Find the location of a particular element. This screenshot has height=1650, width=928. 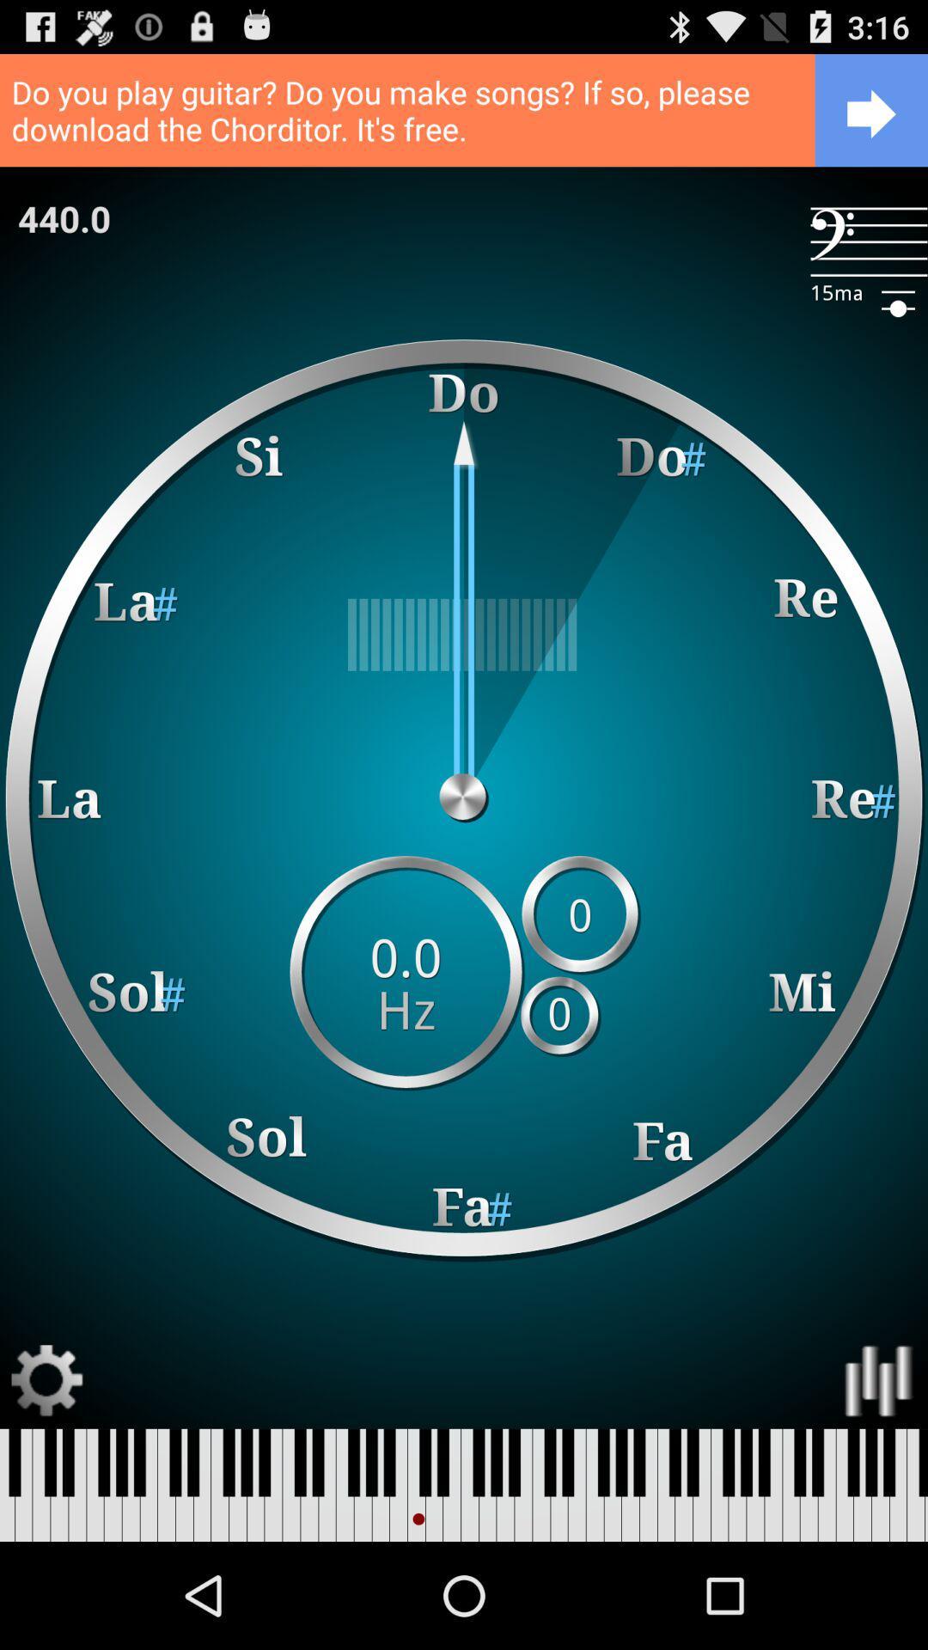

open settings is located at coordinates (46, 1381).